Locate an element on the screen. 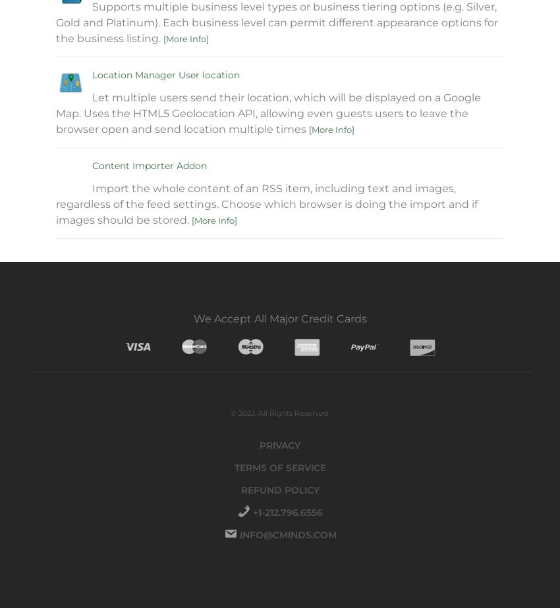 This screenshot has width=560, height=608. '© 2023. All Rights Reserved.' is located at coordinates (280, 413).